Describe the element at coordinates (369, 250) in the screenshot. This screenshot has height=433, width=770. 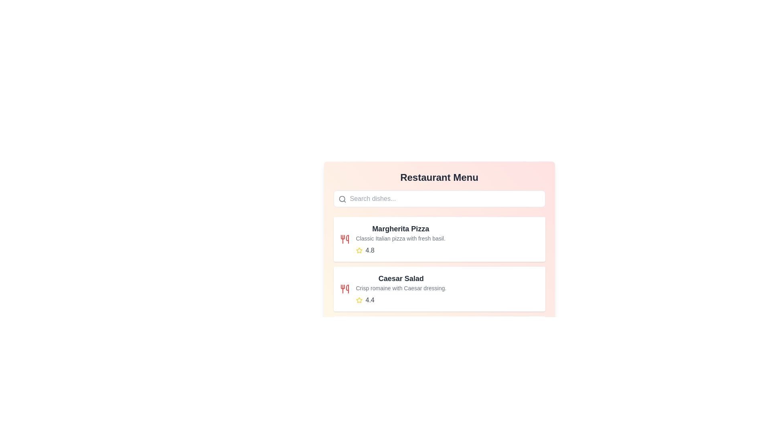
I see `the text label displaying the rating value '4.8', which is located to the immediate right of a yellow star icon in the rating display section for 'Margherita Pizza'` at that location.